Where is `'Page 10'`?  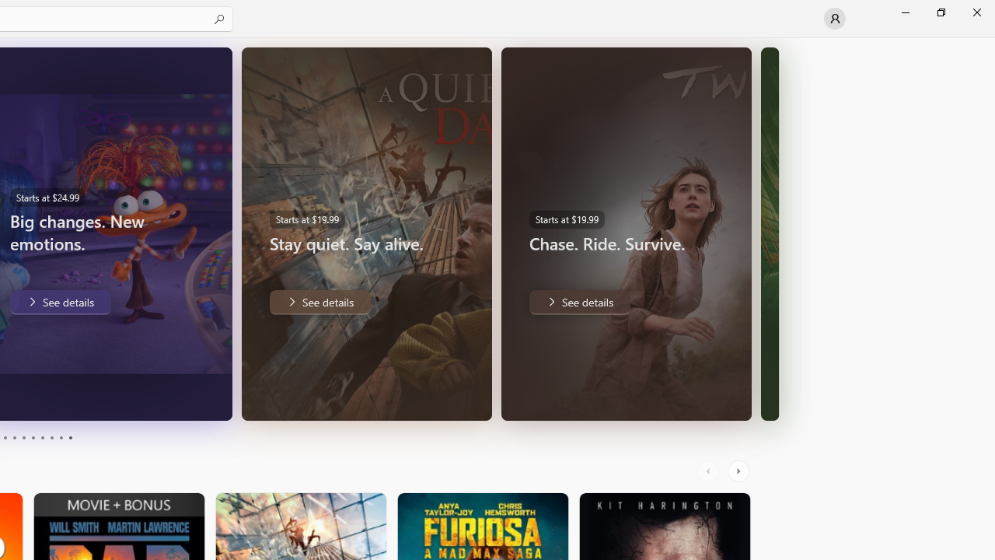
'Page 10' is located at coordinates (69, 438).